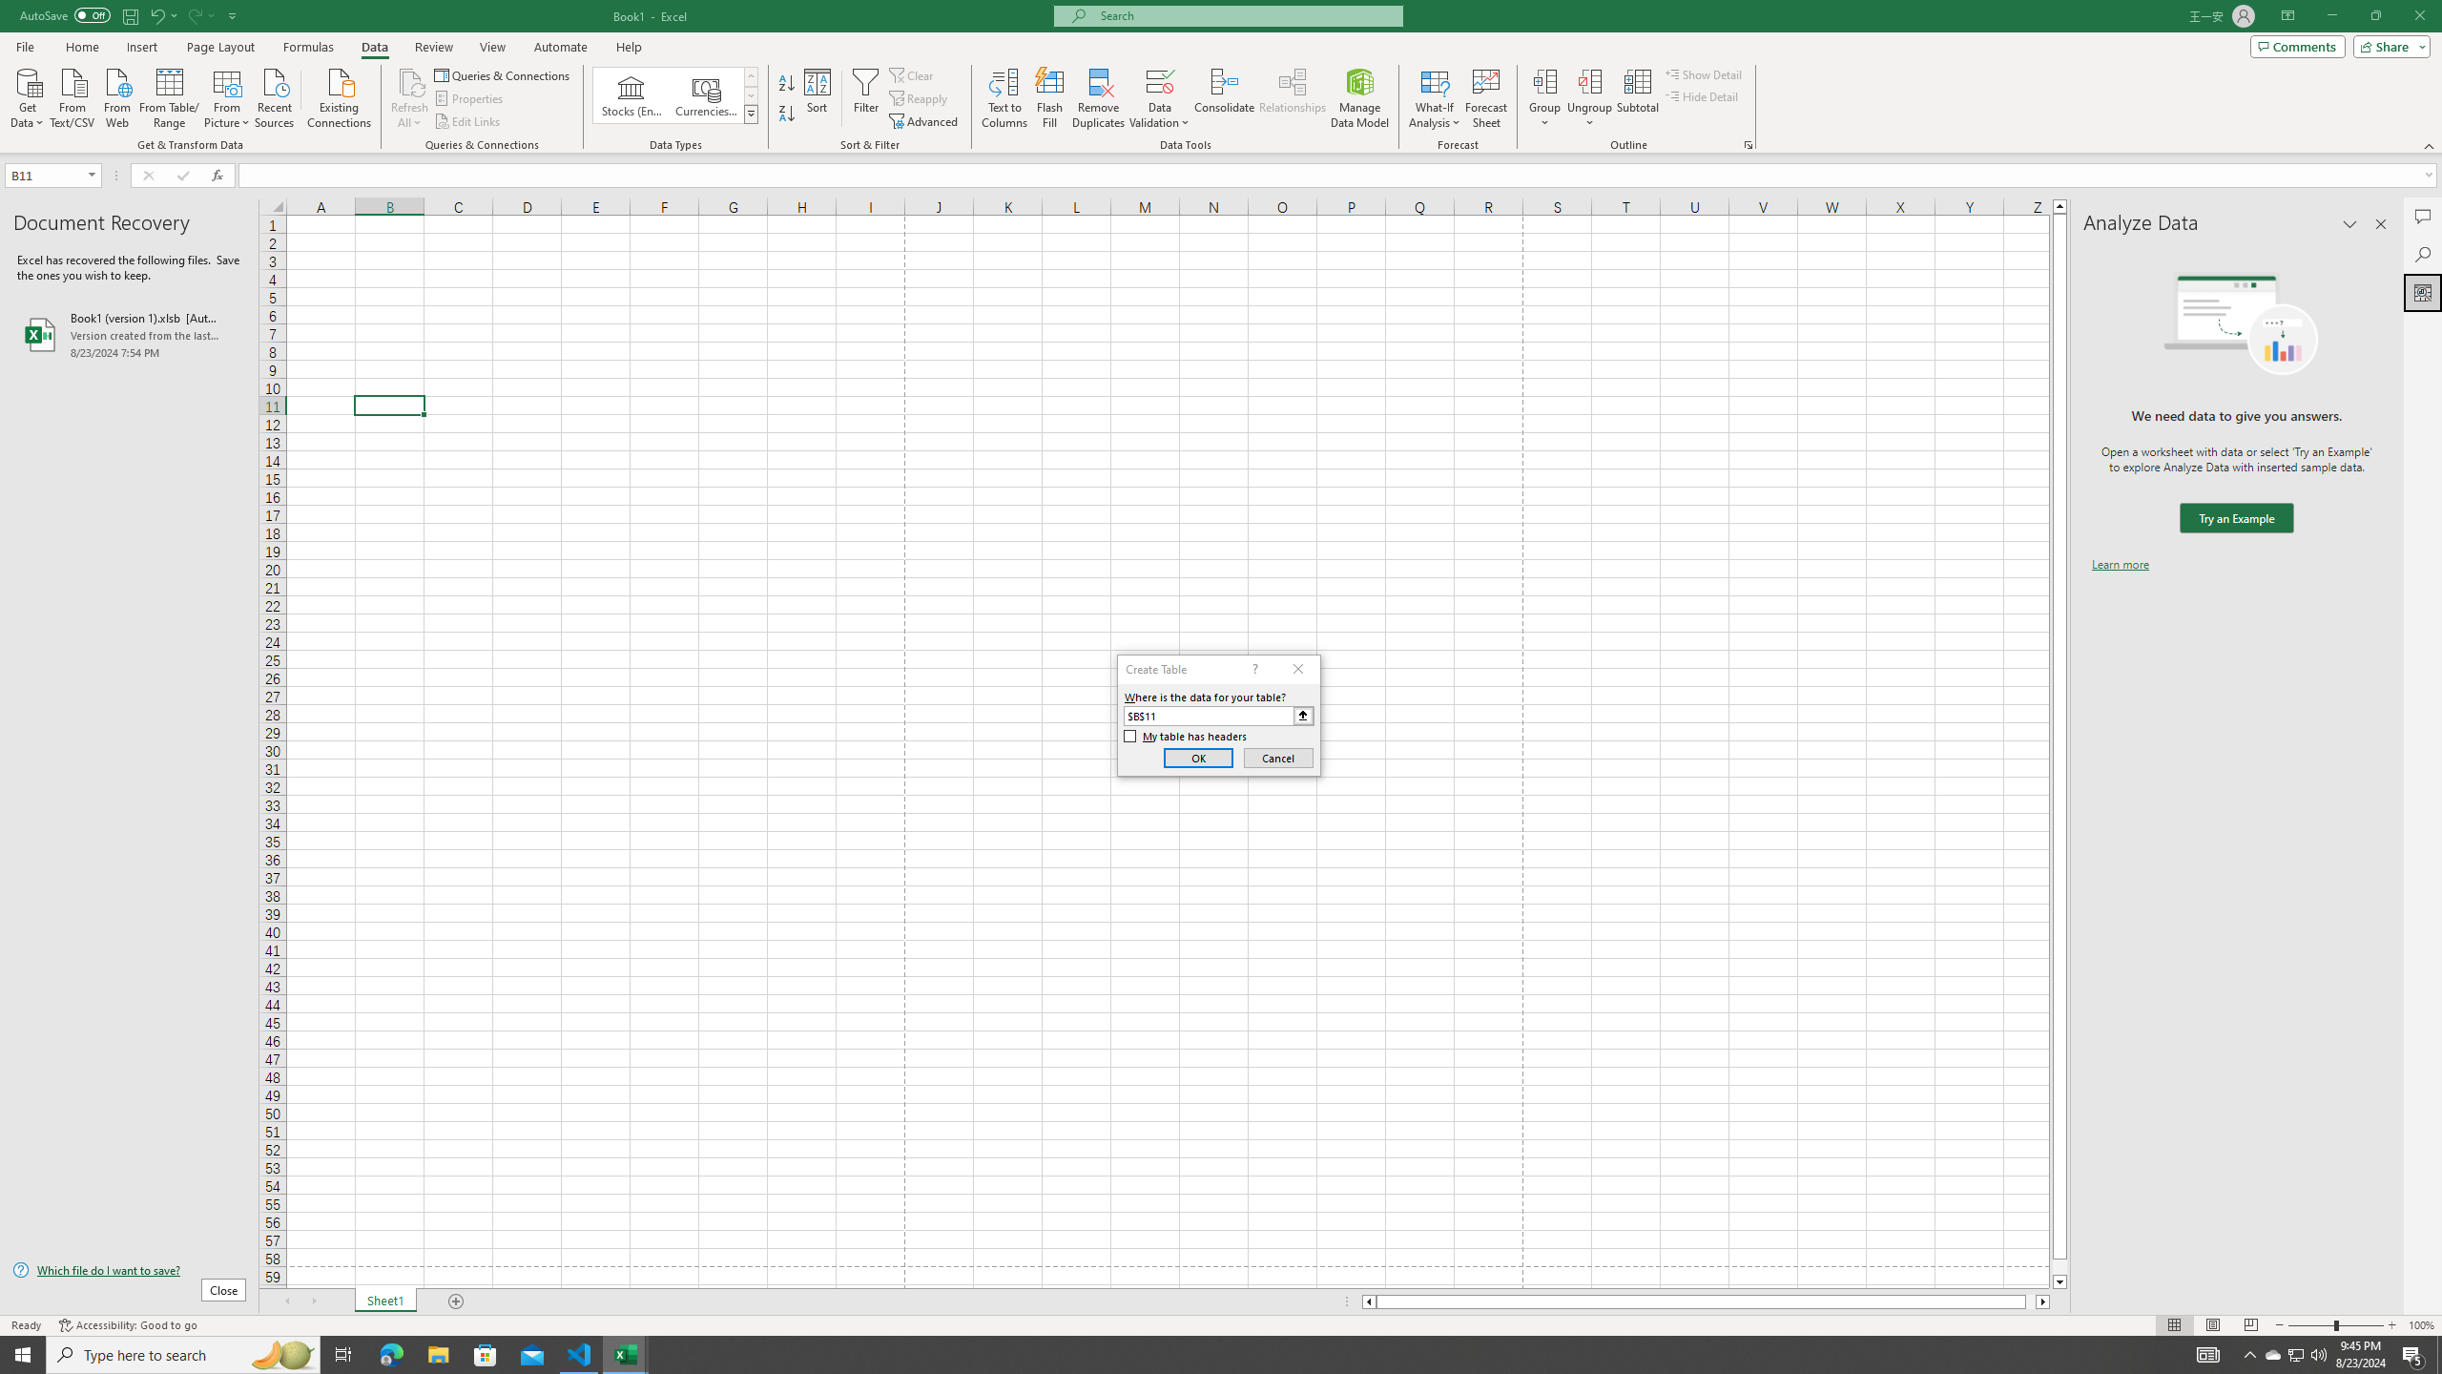 Image resolution: width=2442 pixels, height=1374 pixels. What do you see at coordinates (10, 9) in the screenshot?
I see `'System'` at bounding box center [10, 9].